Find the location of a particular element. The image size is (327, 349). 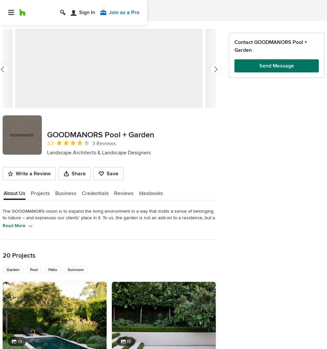

'19' is located at coordinates (20, 341).